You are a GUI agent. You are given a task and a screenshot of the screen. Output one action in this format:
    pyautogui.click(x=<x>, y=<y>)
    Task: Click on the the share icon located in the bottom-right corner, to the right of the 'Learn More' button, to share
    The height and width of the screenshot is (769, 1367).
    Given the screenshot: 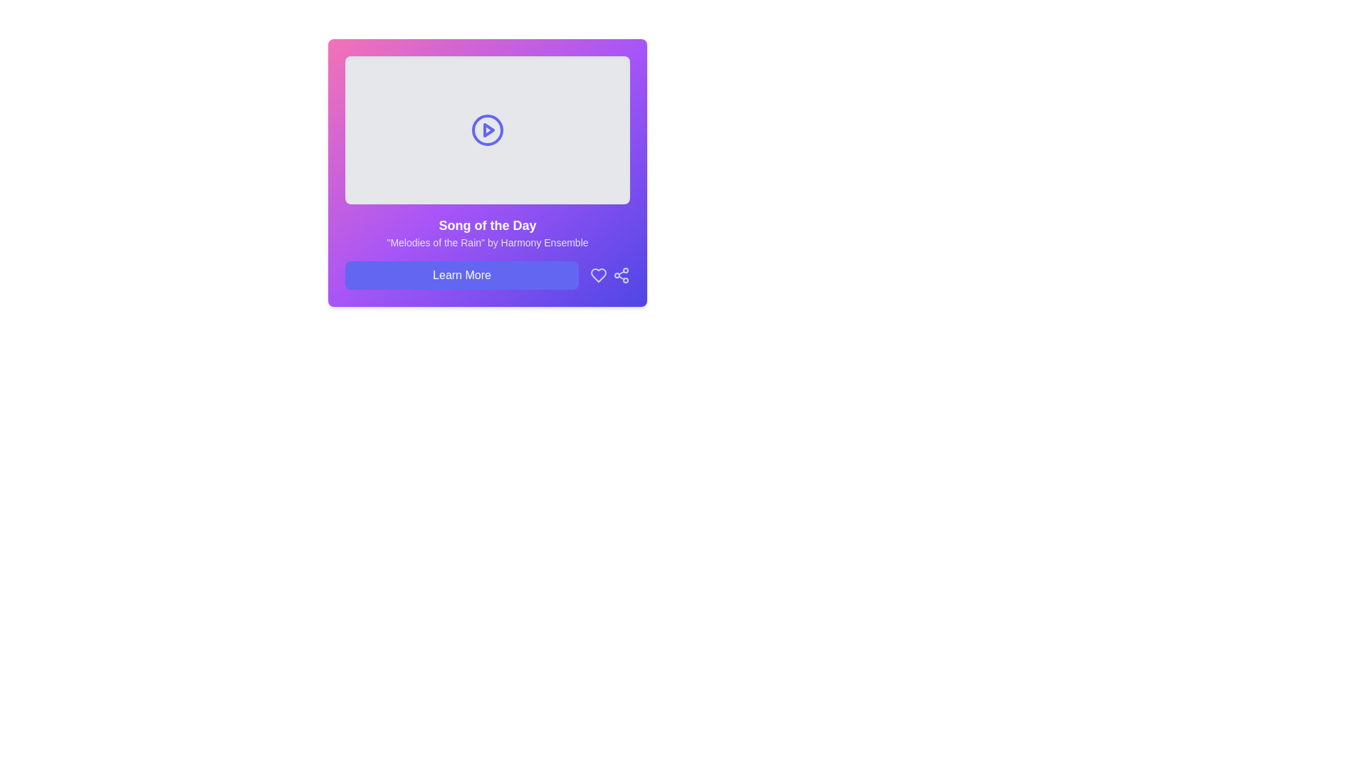 What is the action you would take?
    pyautogui.click(x=610, y=275)
    